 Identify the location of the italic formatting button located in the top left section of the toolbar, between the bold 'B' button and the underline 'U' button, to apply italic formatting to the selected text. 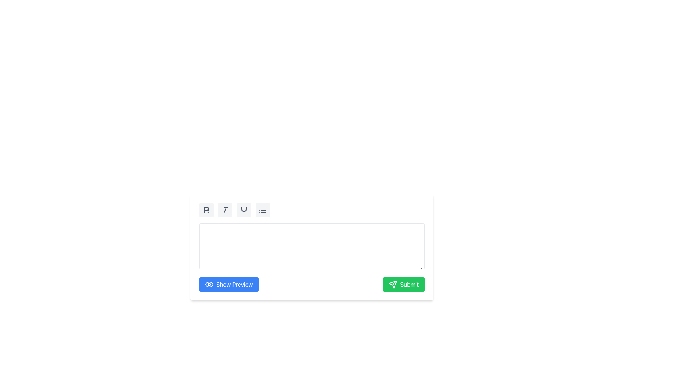
(224, 210).